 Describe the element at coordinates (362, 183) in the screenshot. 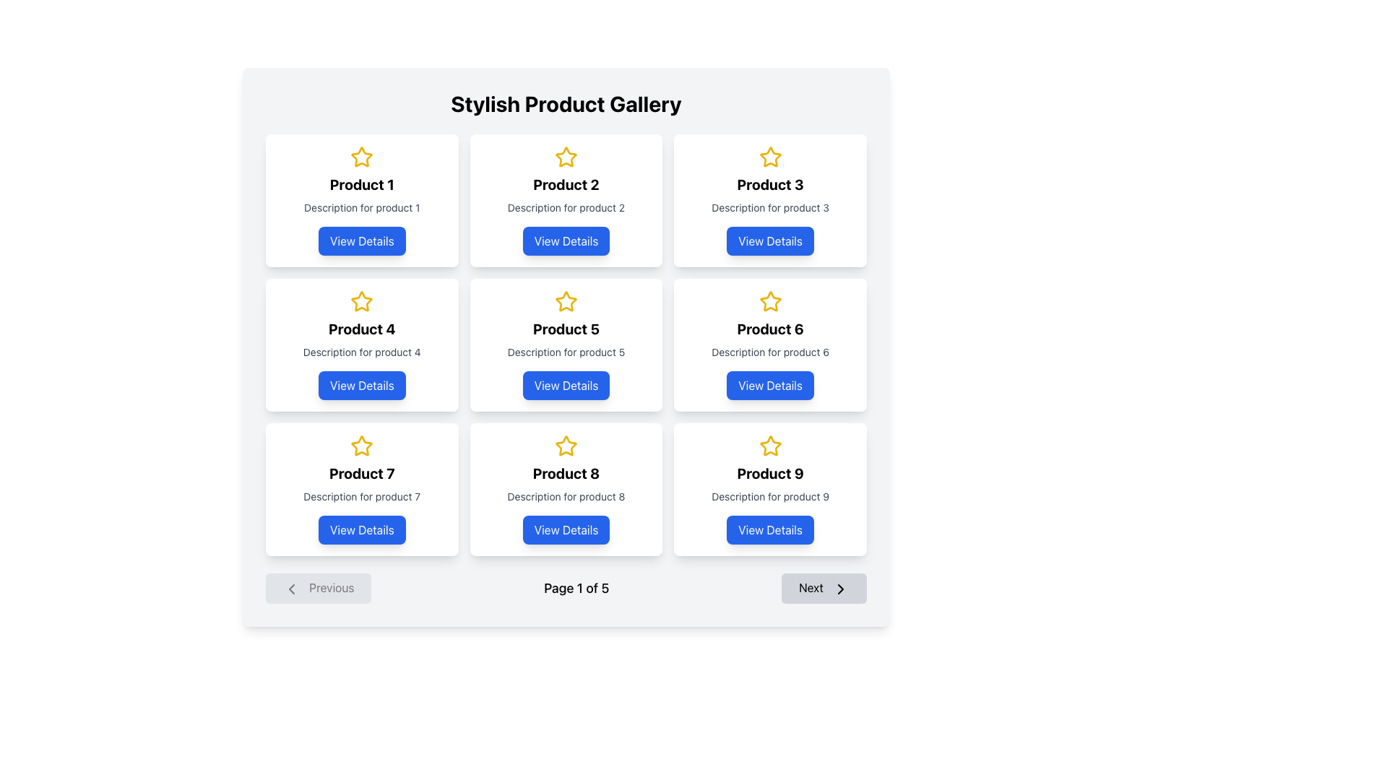

I see `the text element displaying 'Product 1' in bold, large font size, located at the upper-center of the first product card in the grid-based product gallery` at that location.